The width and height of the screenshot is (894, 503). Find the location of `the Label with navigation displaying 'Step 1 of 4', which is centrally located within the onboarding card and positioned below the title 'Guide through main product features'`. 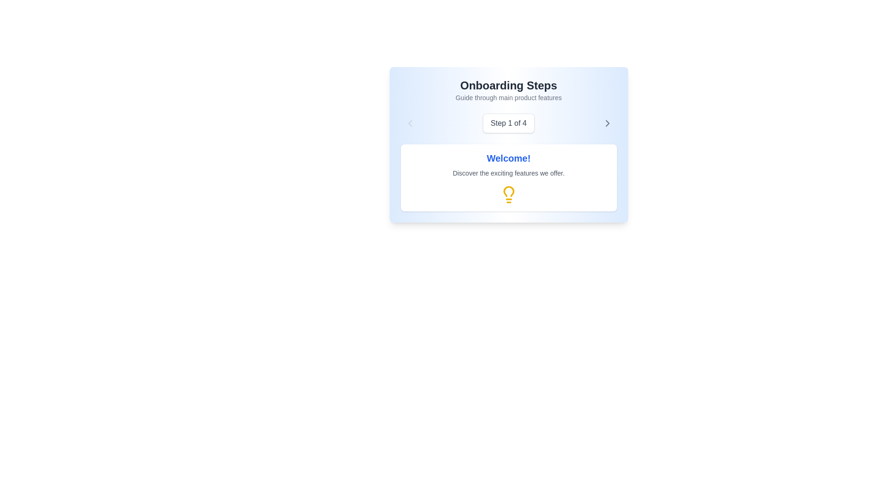

the Label with navigation displaying 'Step 1 of 4', which is centrally located within the onboarding card and positioned below the title 'Guide through main product features' is located at coordinates (508, 123).